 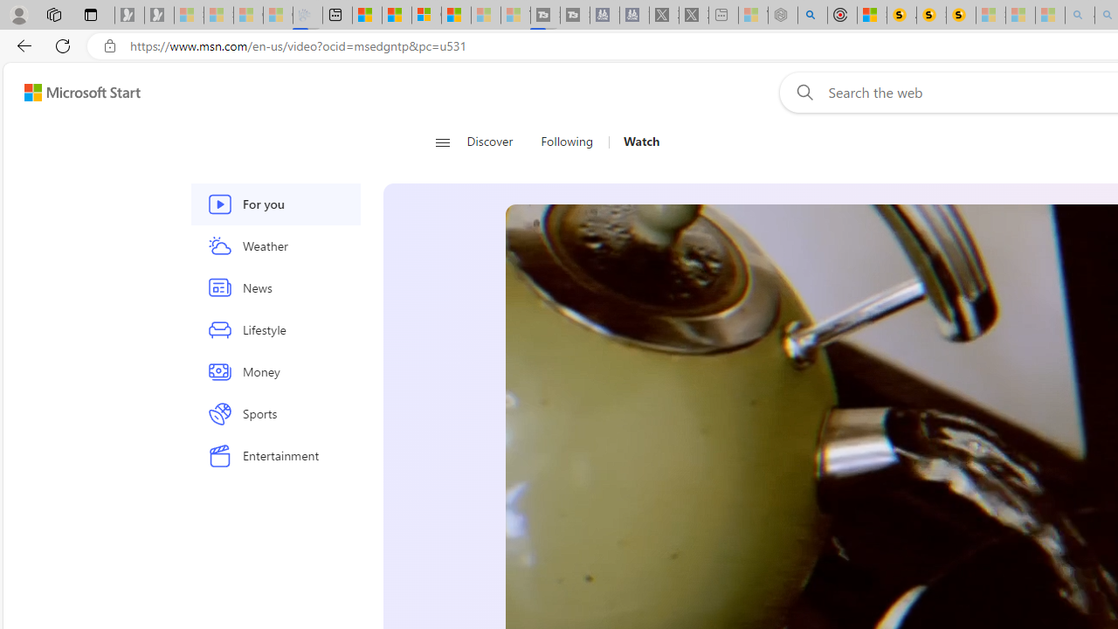 I want to click on 'Class: button-glyph', so click(x=442, y=142).